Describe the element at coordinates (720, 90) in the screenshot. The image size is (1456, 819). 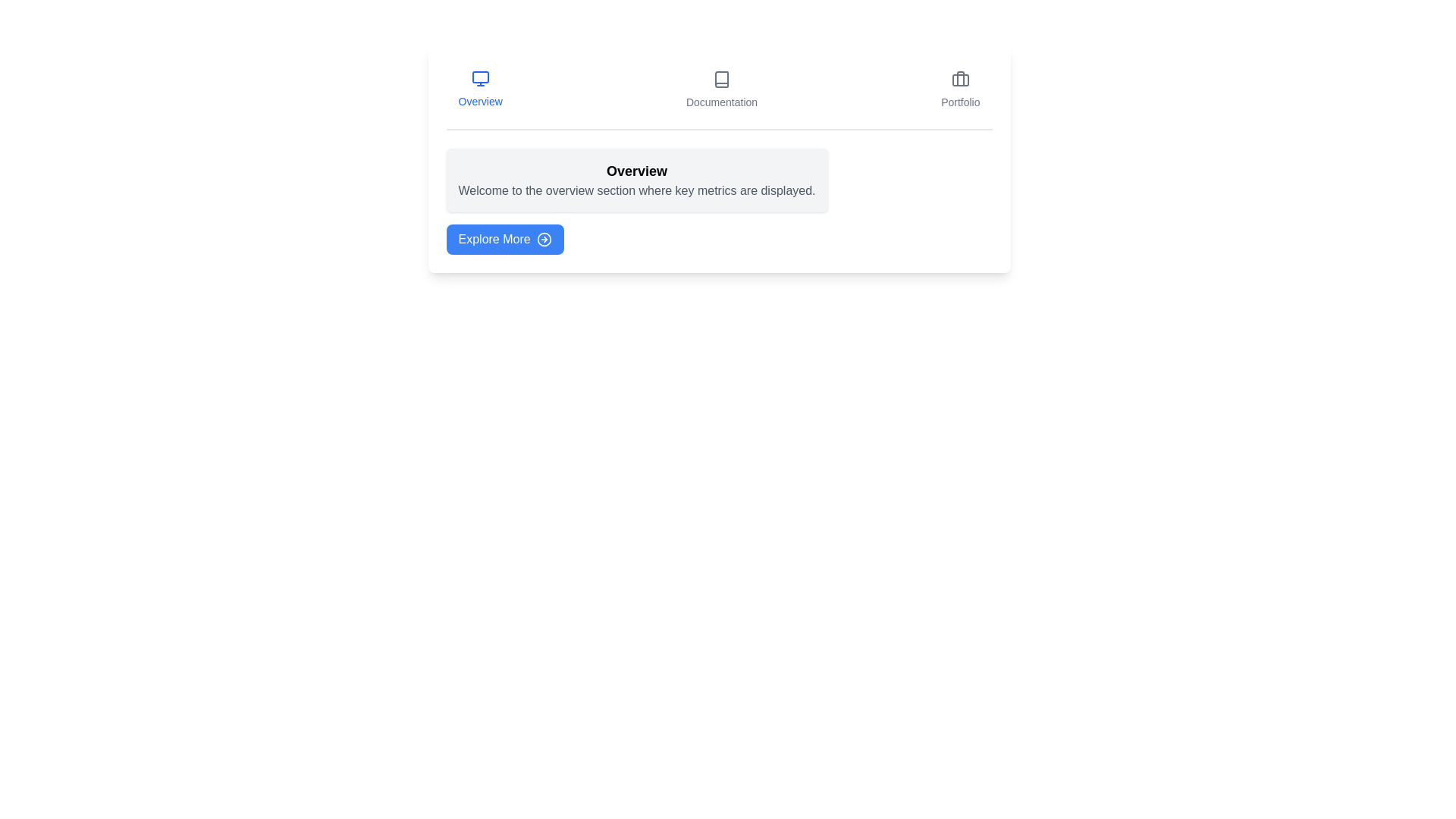
I see `the Documentation tab to view its content` at that location.